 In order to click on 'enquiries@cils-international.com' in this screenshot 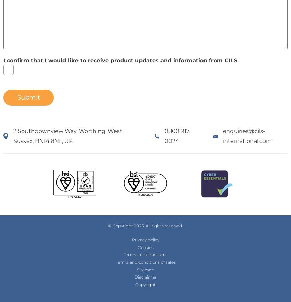, I will do `click(223, 135)`.